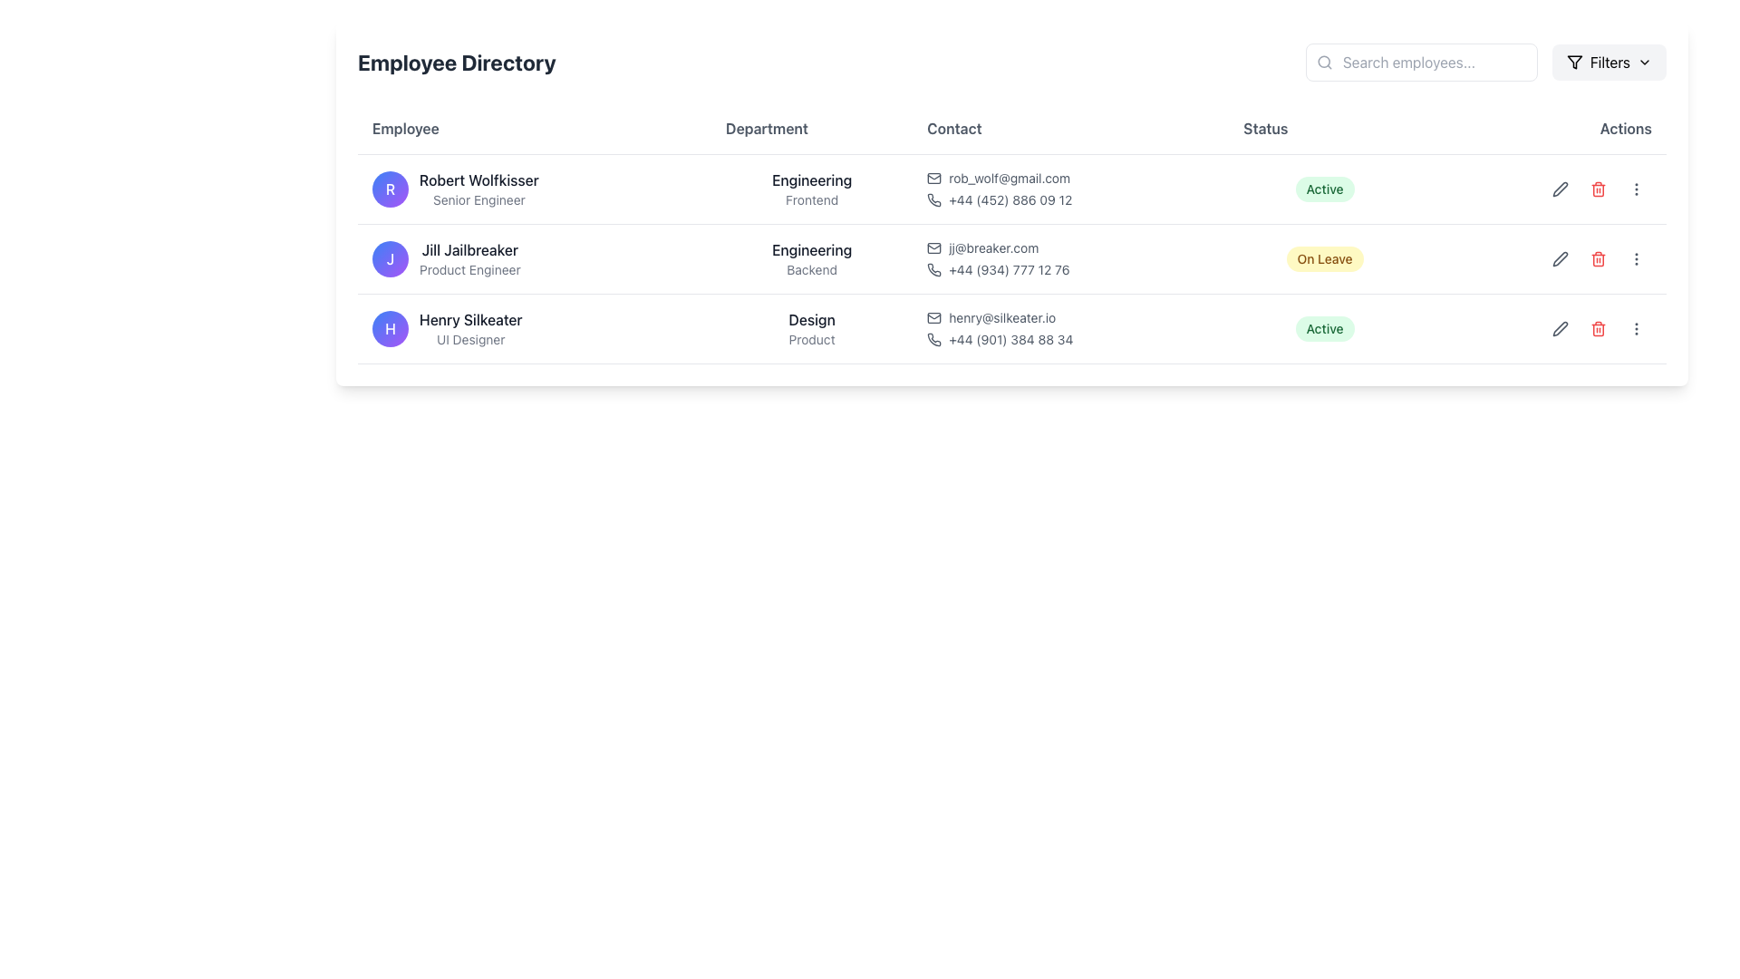 This screenshot has width=1740, height=979. I want to click on the static text element displaying the phone number for 'Henry Silkeater', located in the 'Contact' column of the 'Employee Directory' table, directly below the email address 'henry@silkeater.io', so click(1070, 339).